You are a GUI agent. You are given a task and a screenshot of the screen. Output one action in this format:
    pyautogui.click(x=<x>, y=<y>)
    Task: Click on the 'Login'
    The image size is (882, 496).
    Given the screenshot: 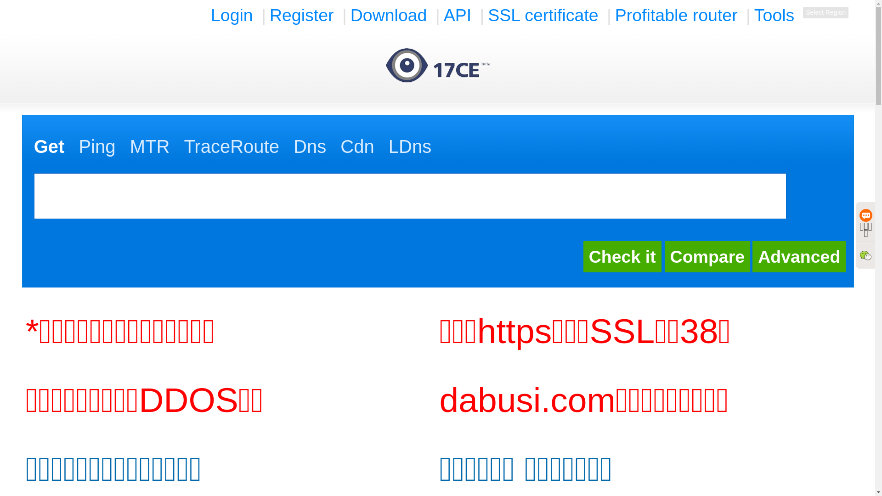 What is the action you would take?
    pyautogui.click(x=207, y=15)
    